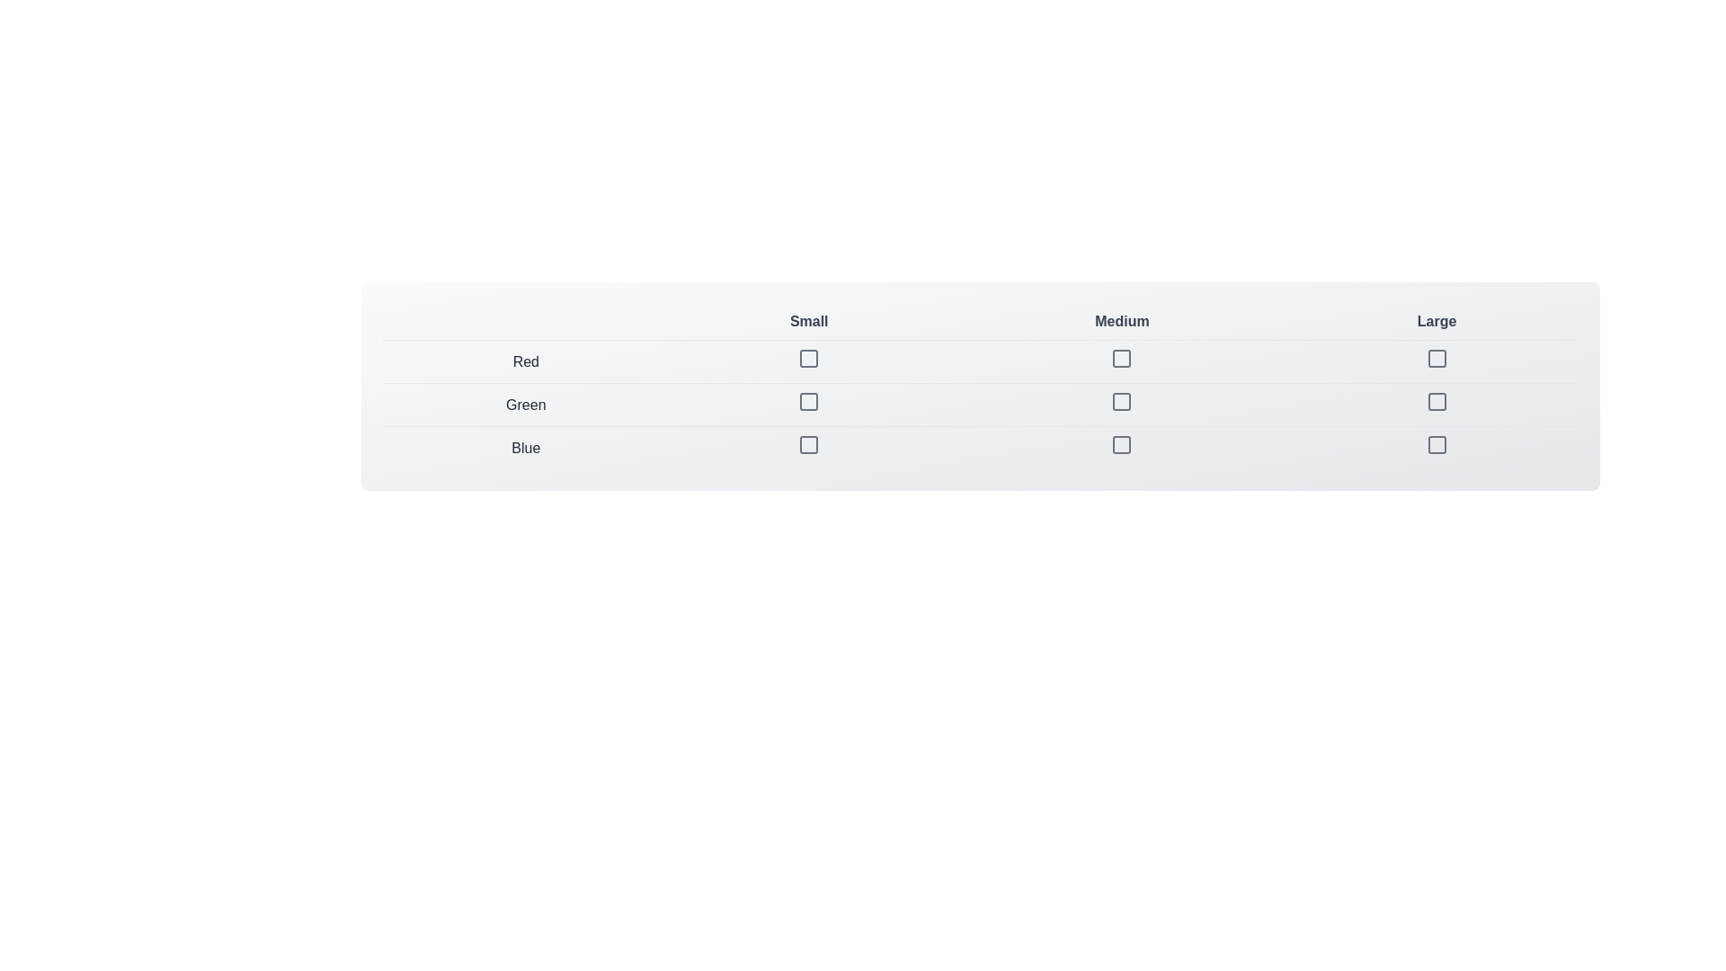 Image resolution: width=1726 pixels, height=971 pixels. I want to click on the checkbox in the second row and third column of the table under the 'Medium' column heading beside the label 'Green', so click(1121, 401).